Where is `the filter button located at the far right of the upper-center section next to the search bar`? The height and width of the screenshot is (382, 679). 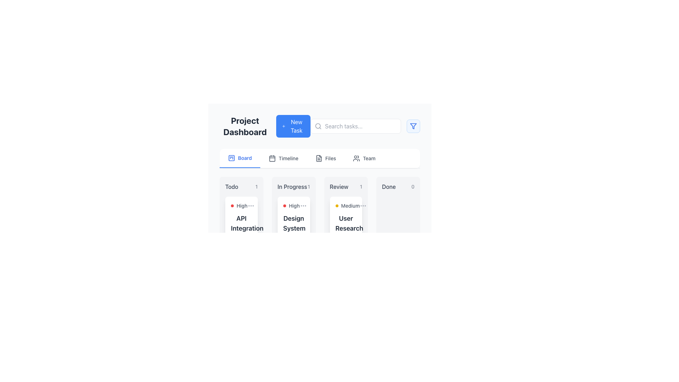 the filter button located at the far right of the upper-center section next to the search bar is located at coordinates (413, 126).